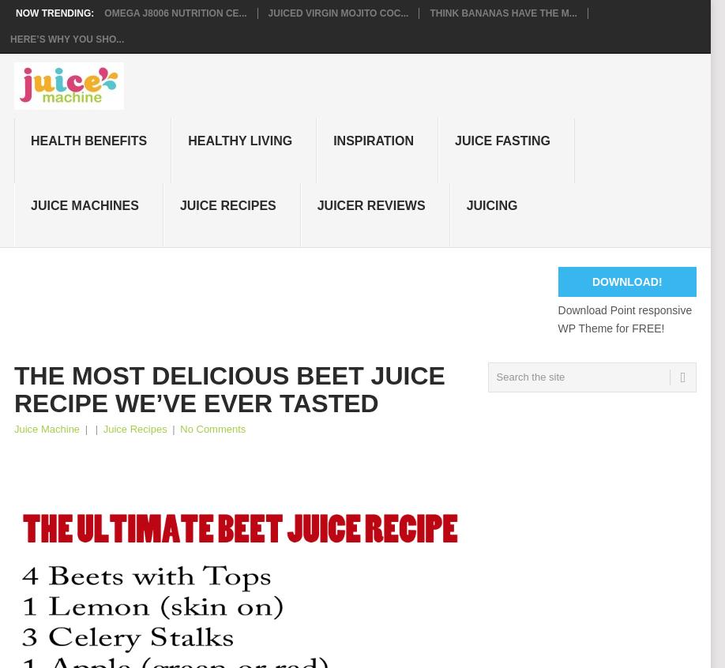 The width and height of the screenshot is (725, 668). I want to click on 'Juicer Reviews', so click(370, 205).